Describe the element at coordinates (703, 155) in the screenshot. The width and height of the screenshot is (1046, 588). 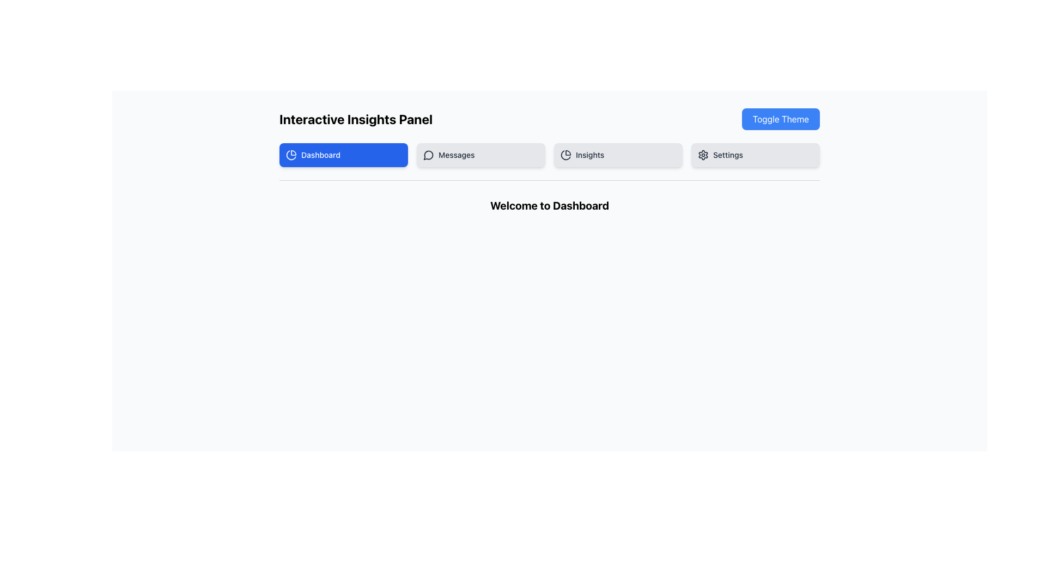
I see `the Settings icon, which represents the settings configuration option, located as the rightmost button in the navigation array at the top middle section of the interface` at that location.